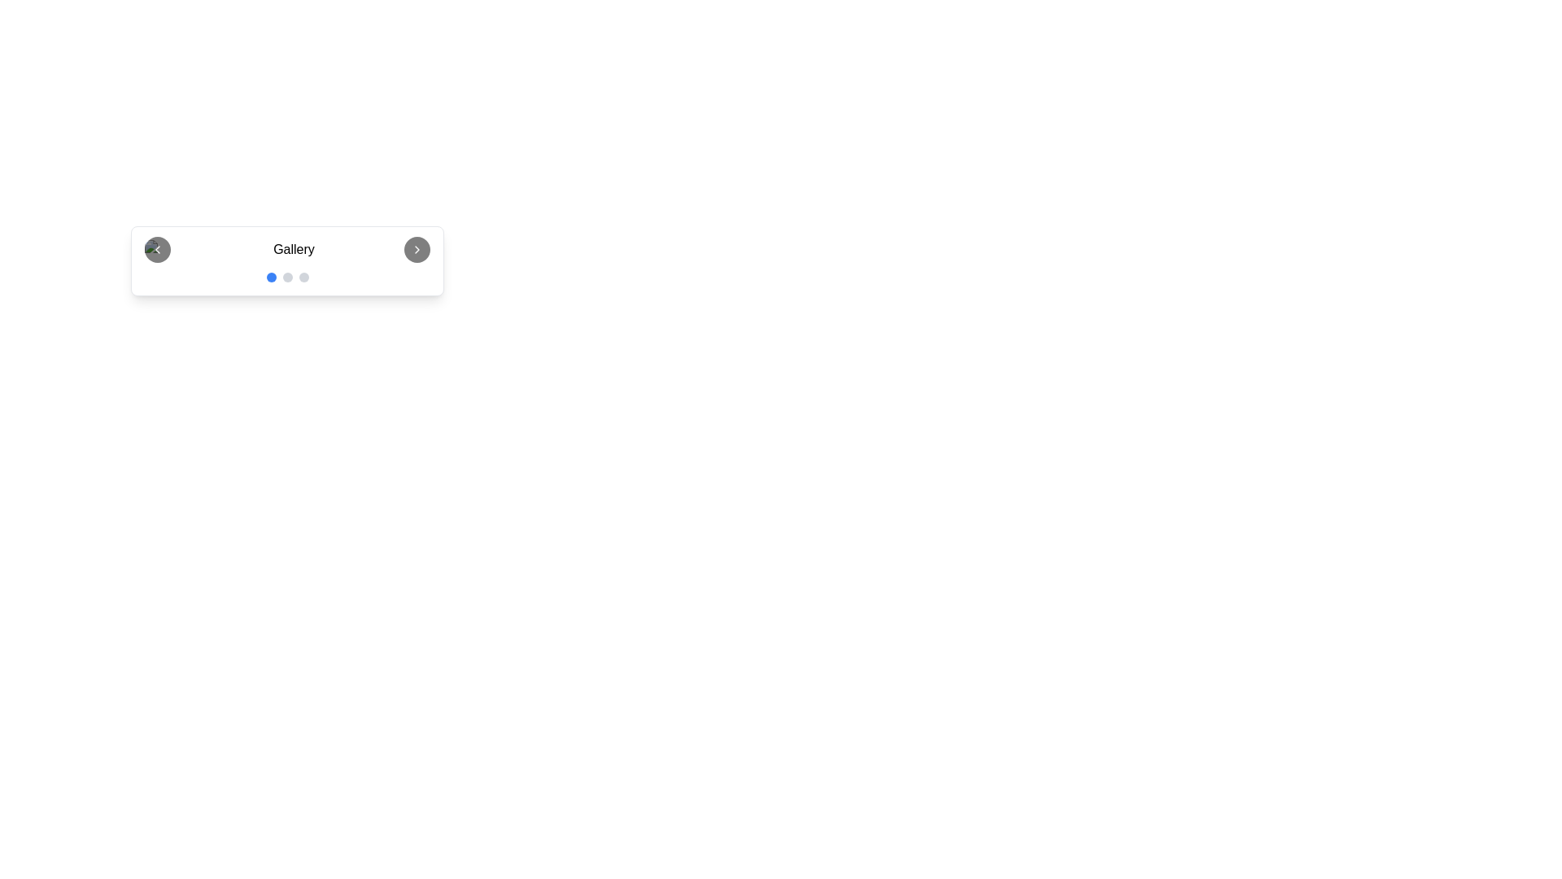 The height and width of the screenshot is (879, 1562). I want to click on the circular button with a black background and a left-pointing arrow icon, so click(157, 250).